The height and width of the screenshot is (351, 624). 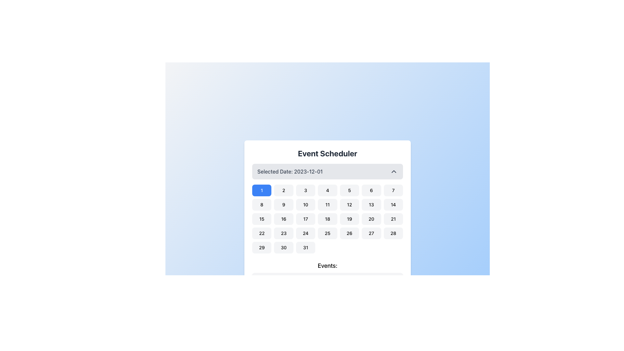 What do you see at coordinates (371, 190) in the screenshot?
I see `the button labeled '6' in the Event Scheduler calendar` at bounding box center [371, 190].